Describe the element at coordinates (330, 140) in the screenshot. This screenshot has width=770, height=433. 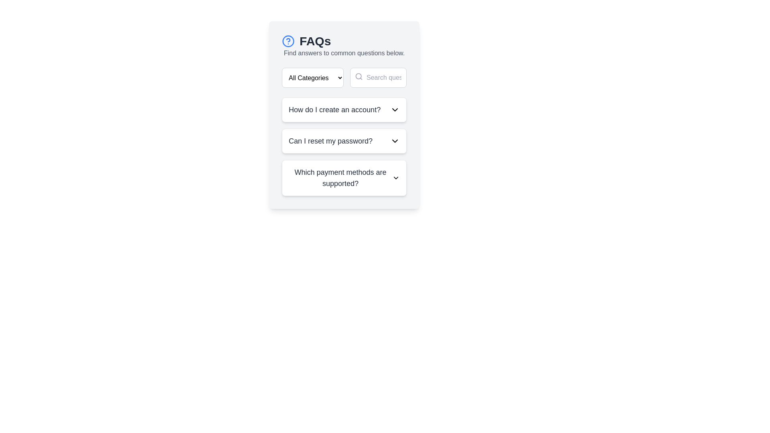
I see `the text label that reads 'Can I reset my password?', which is styled with a medium font weight and grayish-black color, located in the FAQ section` at that location.